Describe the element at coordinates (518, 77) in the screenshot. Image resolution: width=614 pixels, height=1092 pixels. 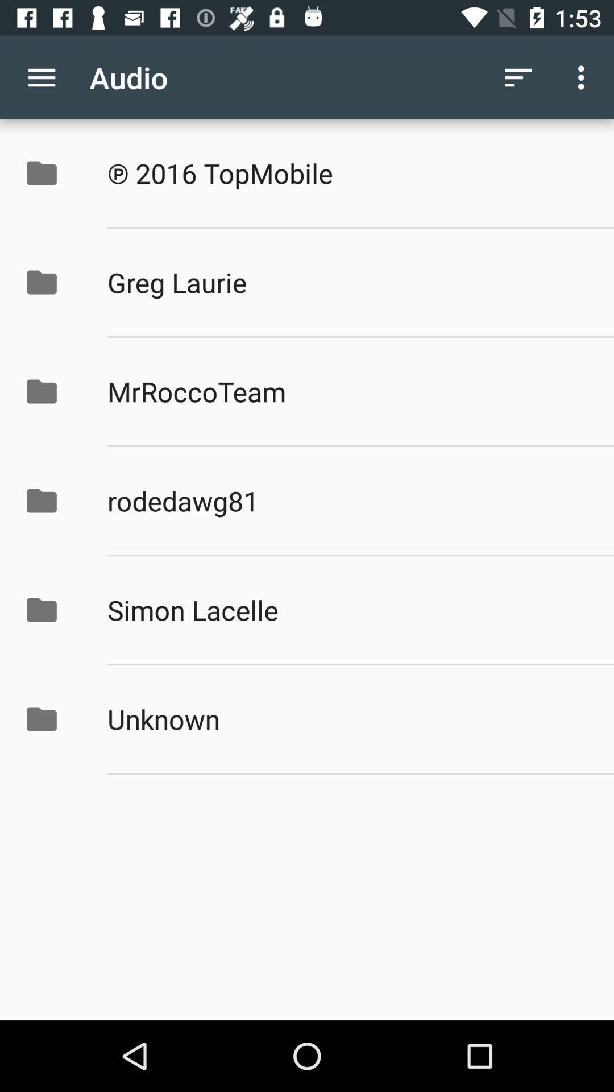
I see `icon next to audio app` at that location.